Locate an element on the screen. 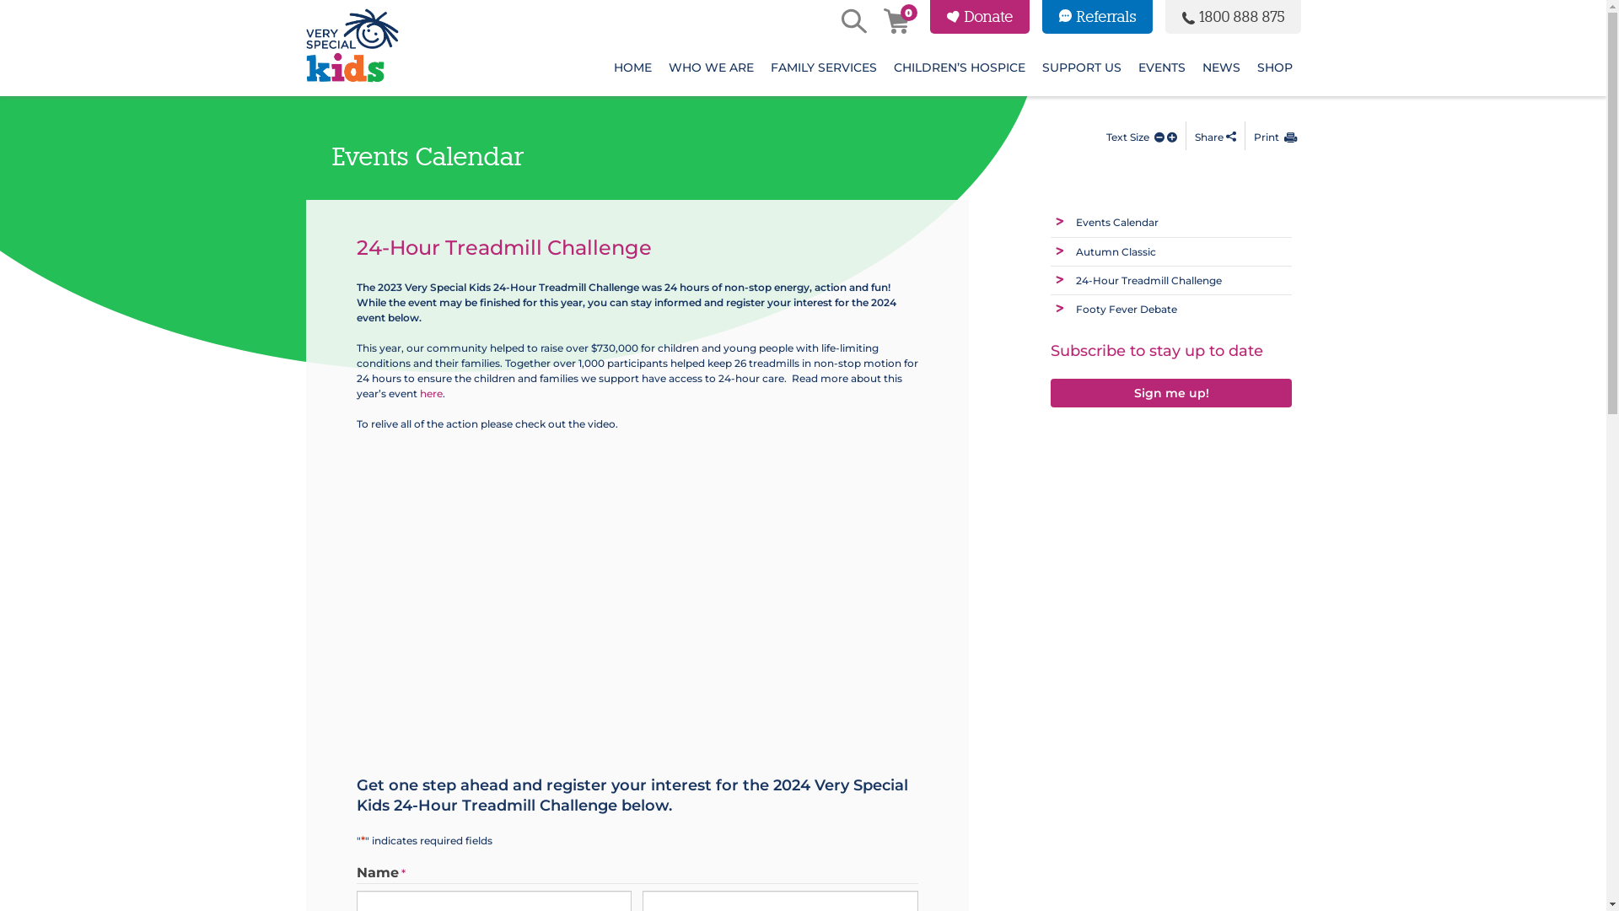  'Sign me up!' is located at coordinates (1170, 393).